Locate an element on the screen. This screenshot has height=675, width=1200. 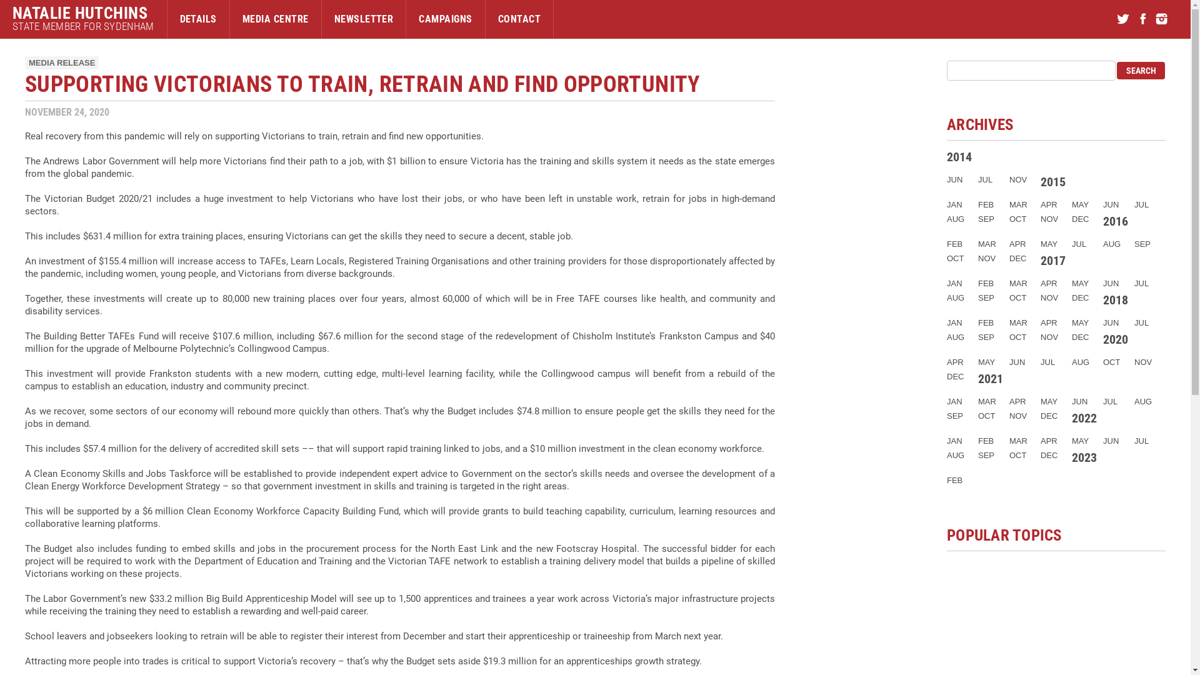
'NATALIE HUTCHINS' is located at coordinates (82, 12).